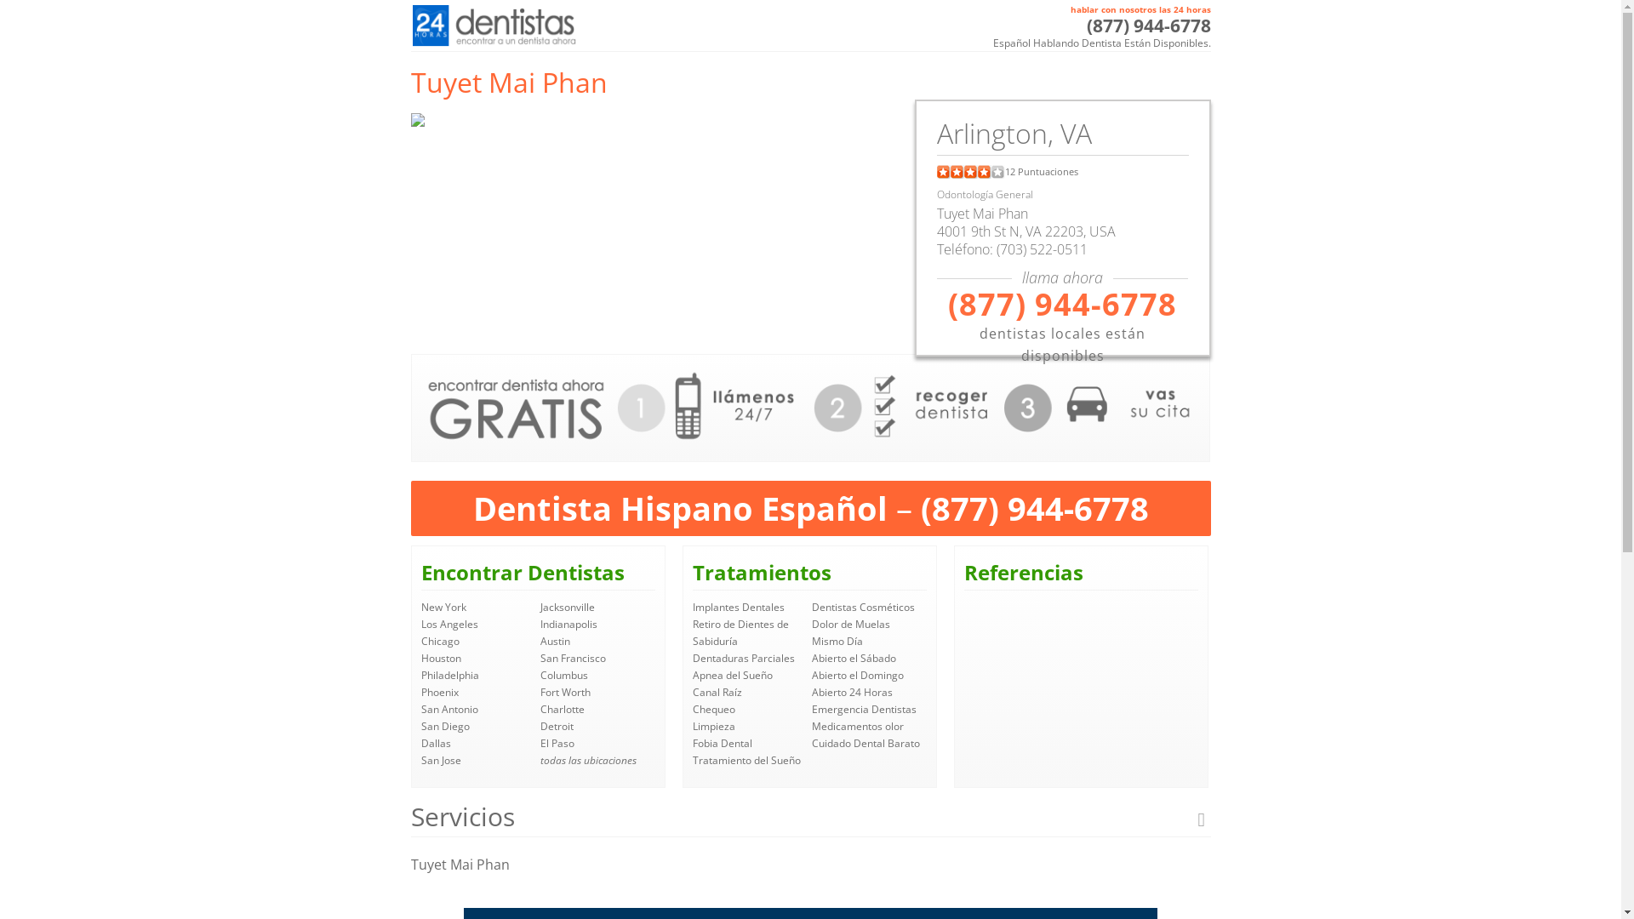 This screenshot has width=1634, height=919. Describe the element at coordinates (864, 709) in the screenshot. I see `'Emergencia Dentistas'` at that location.